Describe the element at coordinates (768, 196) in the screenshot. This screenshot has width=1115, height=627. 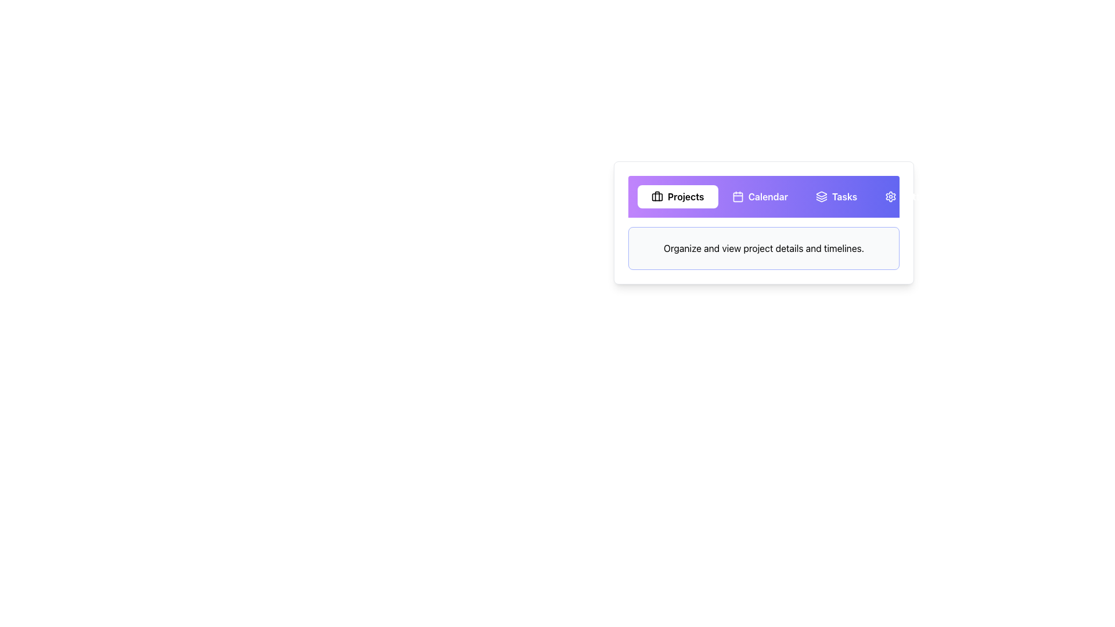
I see `the 'Calendar' text label` at that location.